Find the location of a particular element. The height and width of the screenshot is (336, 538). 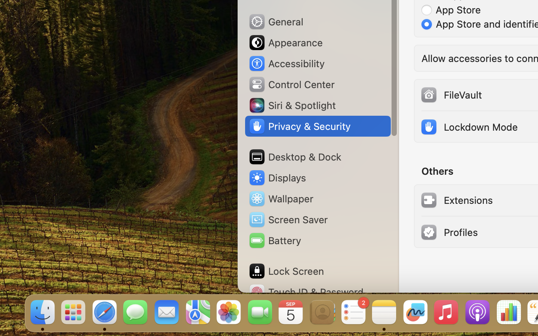

'Screen Saver' is located at coordinates (287, 219).